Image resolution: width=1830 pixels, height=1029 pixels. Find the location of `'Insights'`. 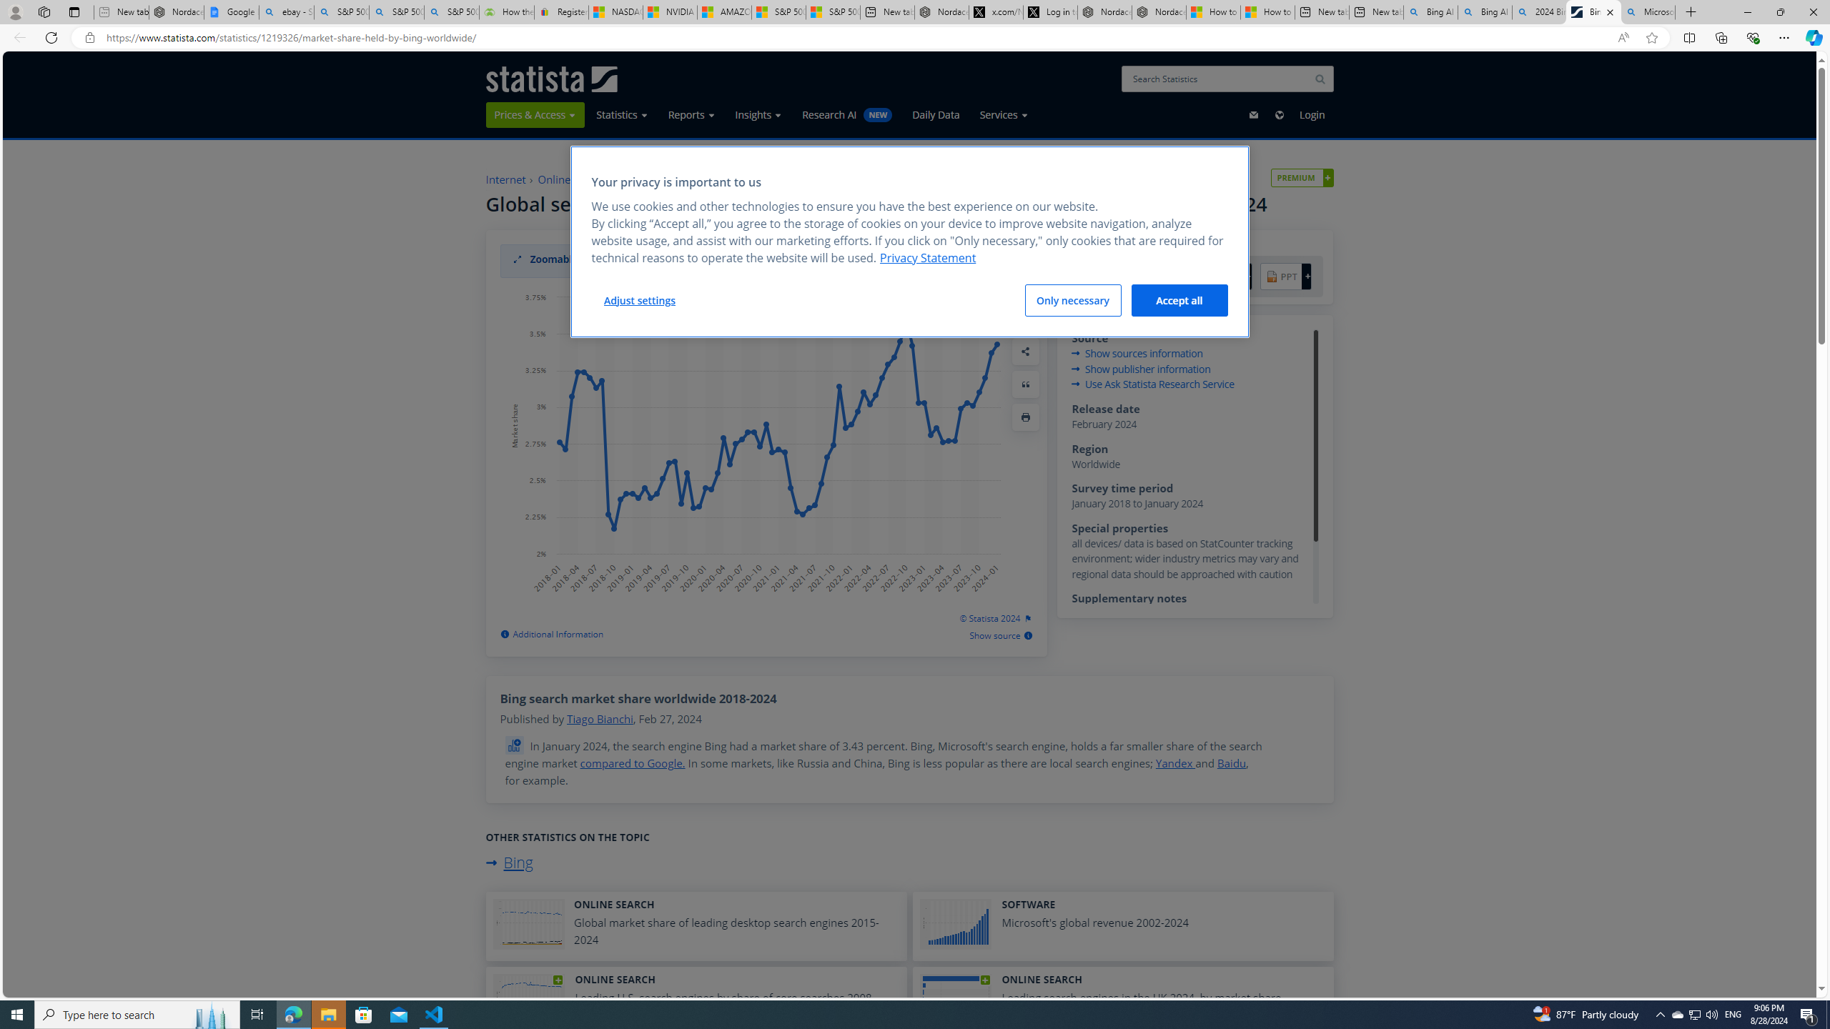

'Insights' is located at coordinates (758, 114).